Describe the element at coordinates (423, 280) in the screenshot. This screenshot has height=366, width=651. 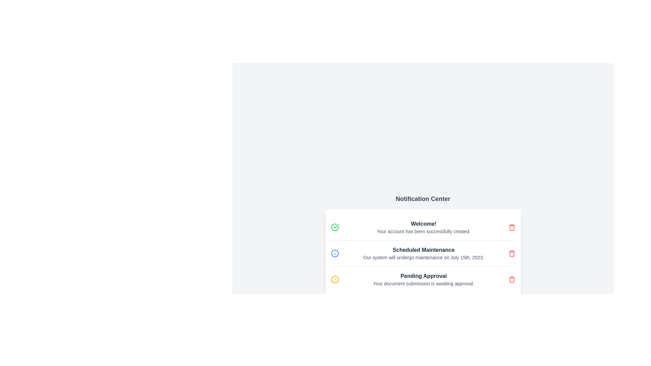
I see `the notification message element indicating document submission status, located as the third entry in the 'Notification Center', for further actions` at that location.